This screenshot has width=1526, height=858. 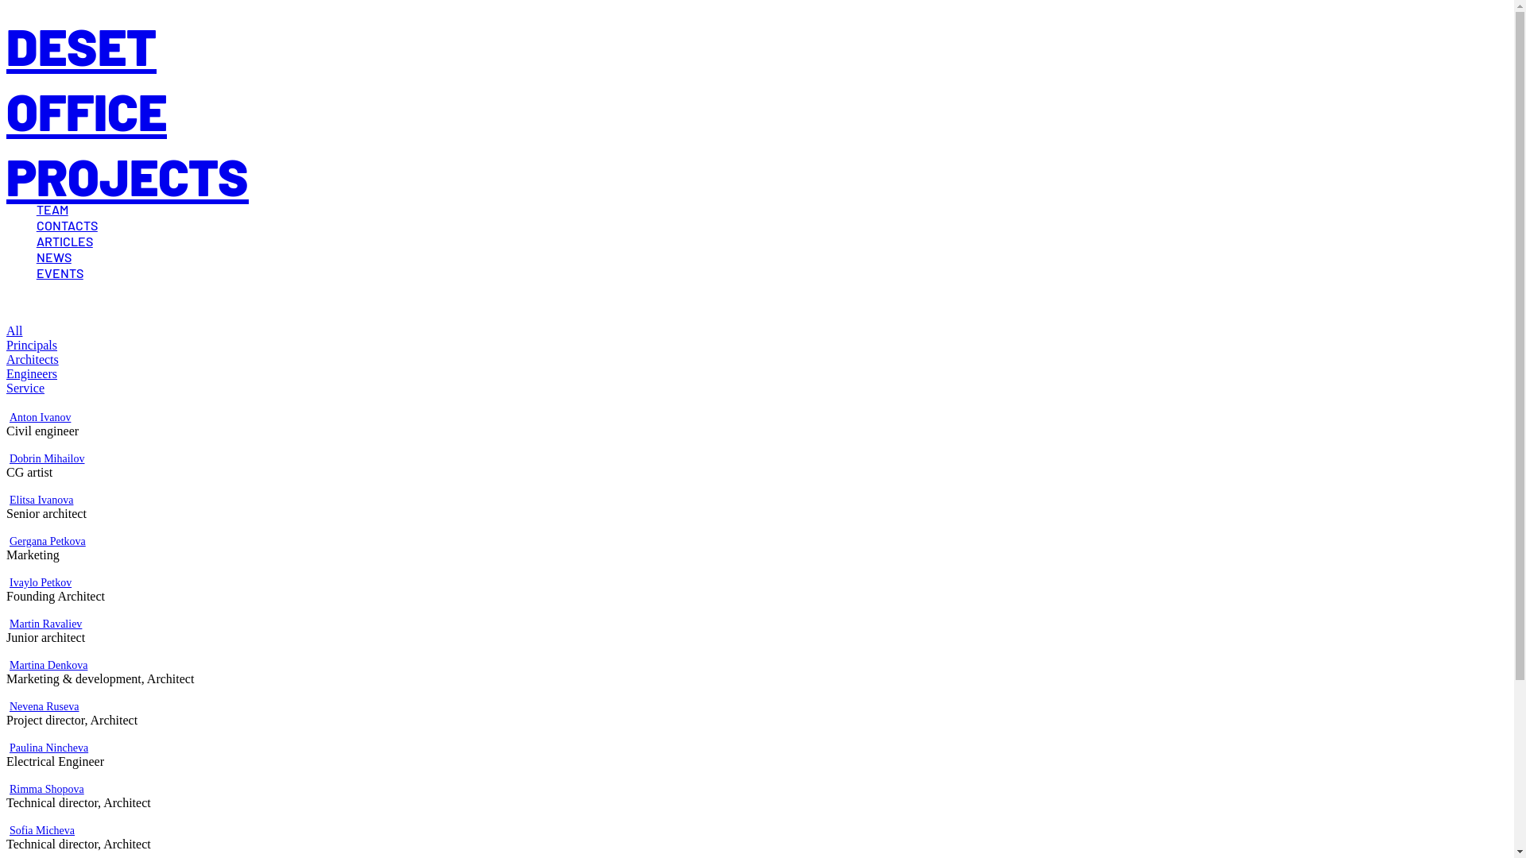 I want to click on 'All', so click(x=14, y=330).